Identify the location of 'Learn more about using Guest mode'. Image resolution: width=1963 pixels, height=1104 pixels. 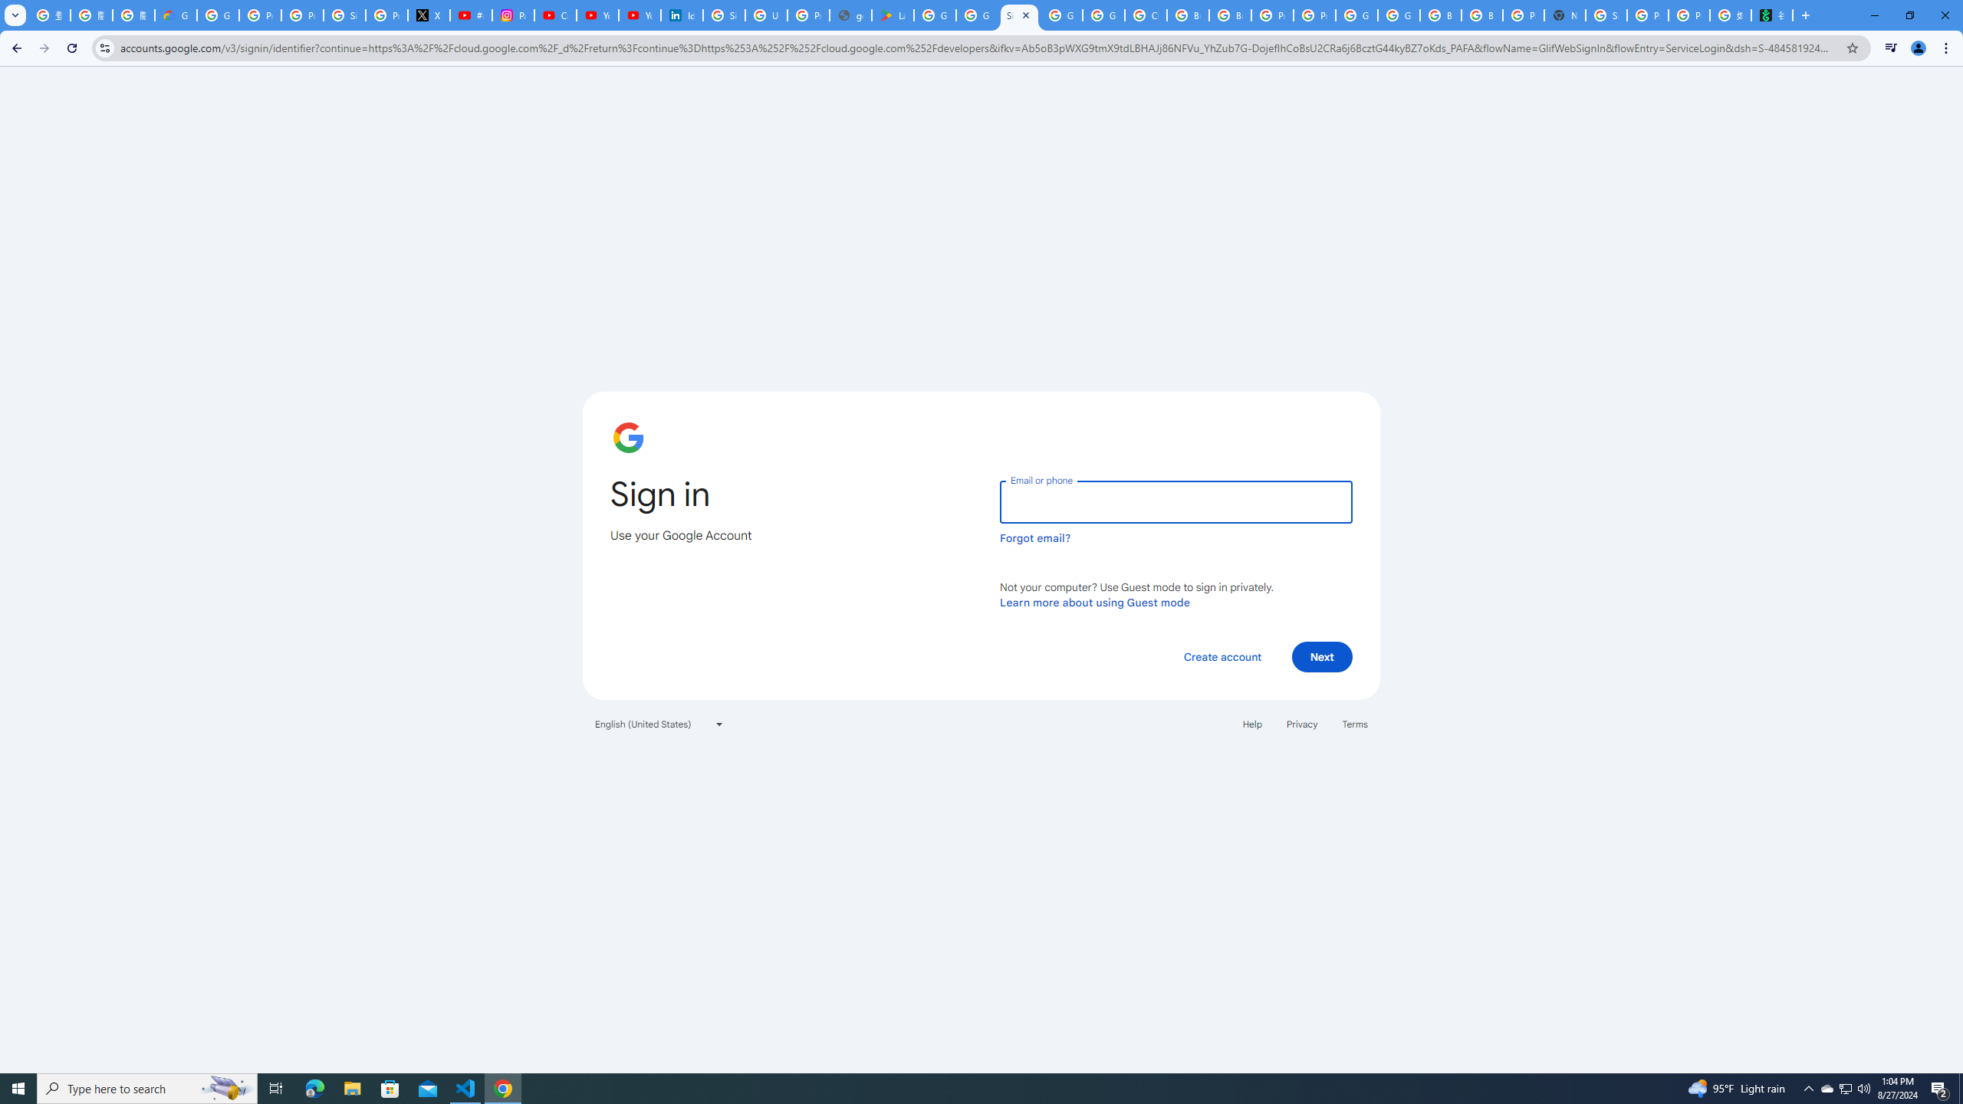
(1094, 602).